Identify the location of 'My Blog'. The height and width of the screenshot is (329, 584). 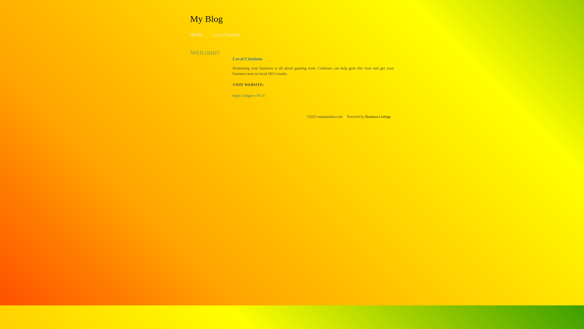
(189, 18).